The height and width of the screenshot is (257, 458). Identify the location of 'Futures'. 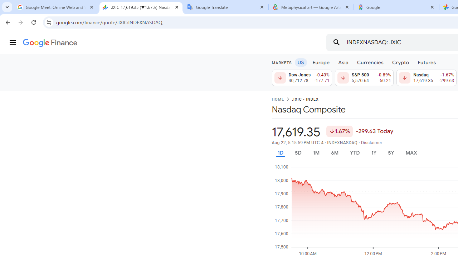
(427, 62).